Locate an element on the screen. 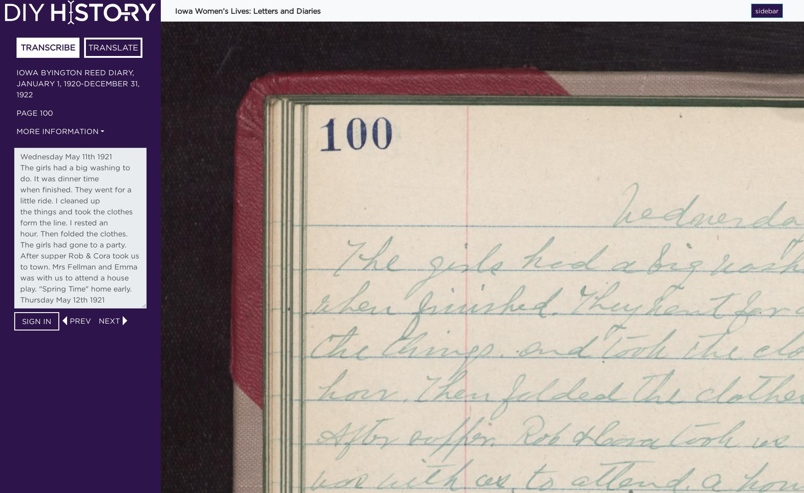 The image size is (804, 493). 'Translate' is located at coordinates (113, 47).